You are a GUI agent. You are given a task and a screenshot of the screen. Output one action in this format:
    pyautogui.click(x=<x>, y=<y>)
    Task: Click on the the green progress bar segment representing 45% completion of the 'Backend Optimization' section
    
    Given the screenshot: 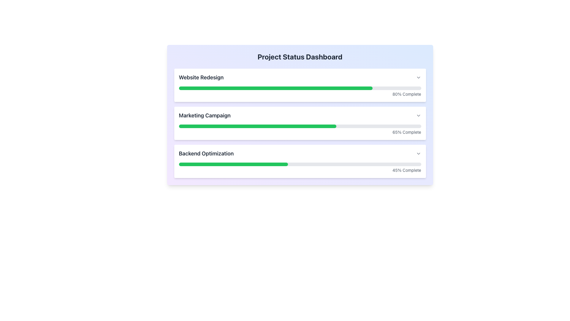 What is the action you would take?
    pyautogui.click(x=233, y=164)
    